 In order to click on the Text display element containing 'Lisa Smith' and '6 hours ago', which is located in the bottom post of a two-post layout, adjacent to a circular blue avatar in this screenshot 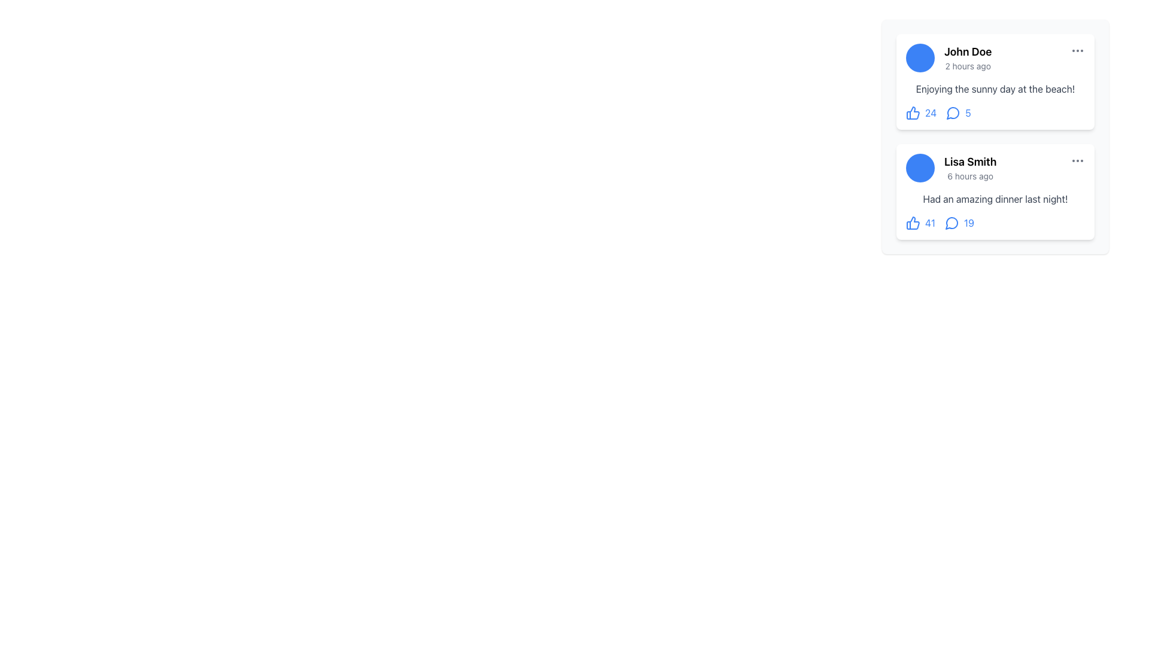, I will do `click(970, 168)`.